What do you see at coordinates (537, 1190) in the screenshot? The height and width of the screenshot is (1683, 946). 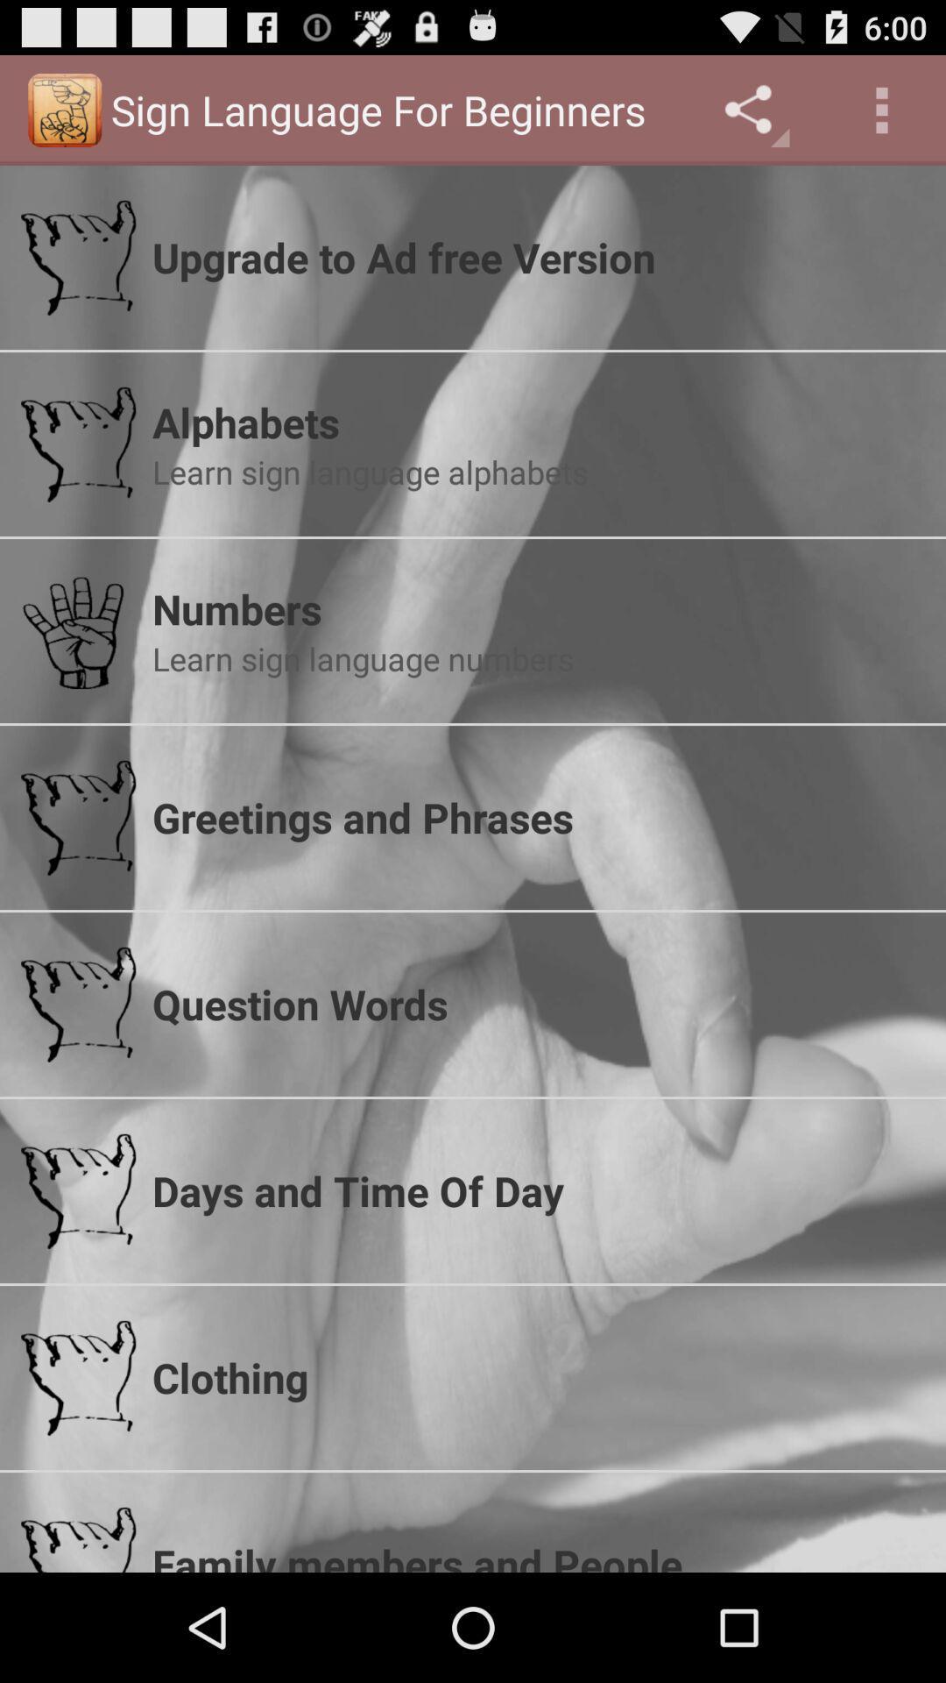 I see `days and time icon` at bounding box center [537, 1190].